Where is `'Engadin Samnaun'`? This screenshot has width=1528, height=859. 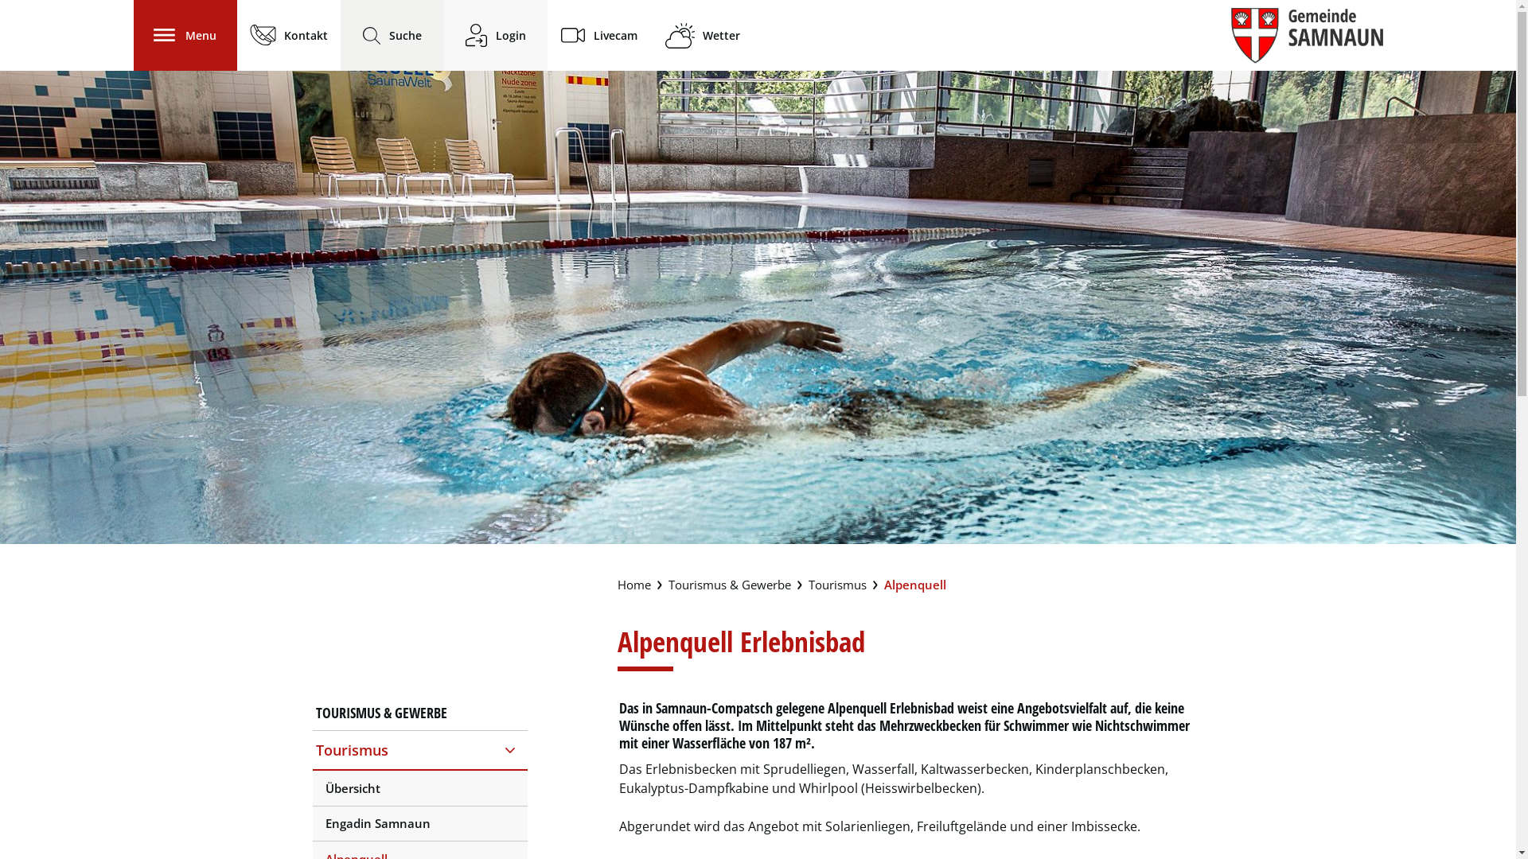
'Engadin Samnaun' is located at coordinates (419, 823).